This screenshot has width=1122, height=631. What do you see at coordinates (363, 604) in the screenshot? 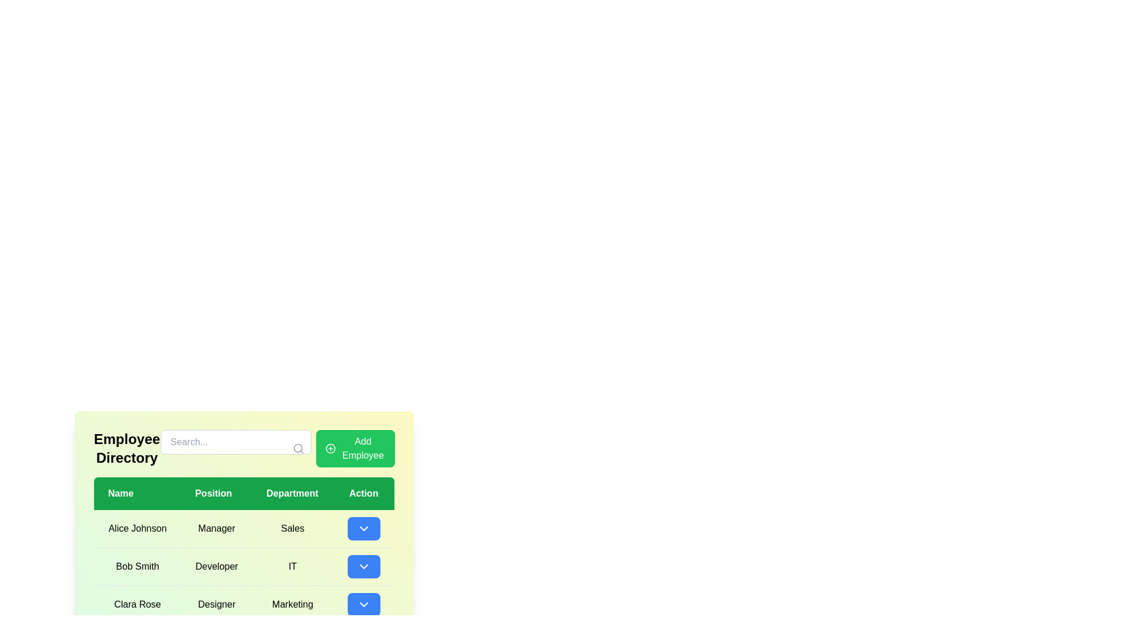
I see `the blue button with a downward arrow icon located in the last row of the table under the 'Action' column corresponding to 'Clara Rose', 'Designer', 'Marketing'` at bounding box center [363, 604].